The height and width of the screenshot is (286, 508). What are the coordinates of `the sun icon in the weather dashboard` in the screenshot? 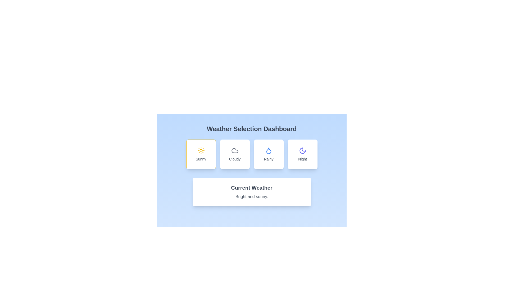 It's located at (201, 151).